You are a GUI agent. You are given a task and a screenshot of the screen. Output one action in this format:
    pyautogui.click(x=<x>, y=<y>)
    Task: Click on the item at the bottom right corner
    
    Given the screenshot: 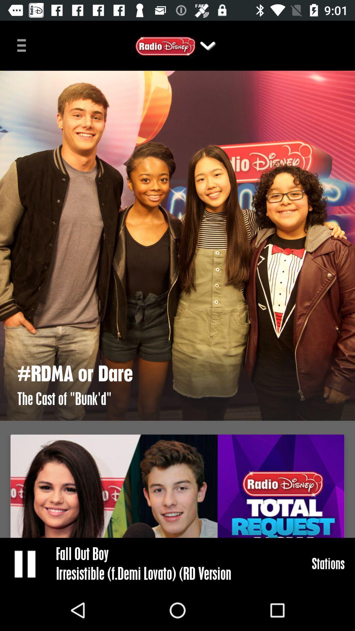 What is the action you would take?
    pyautogui.click(x=328, y=563)
    